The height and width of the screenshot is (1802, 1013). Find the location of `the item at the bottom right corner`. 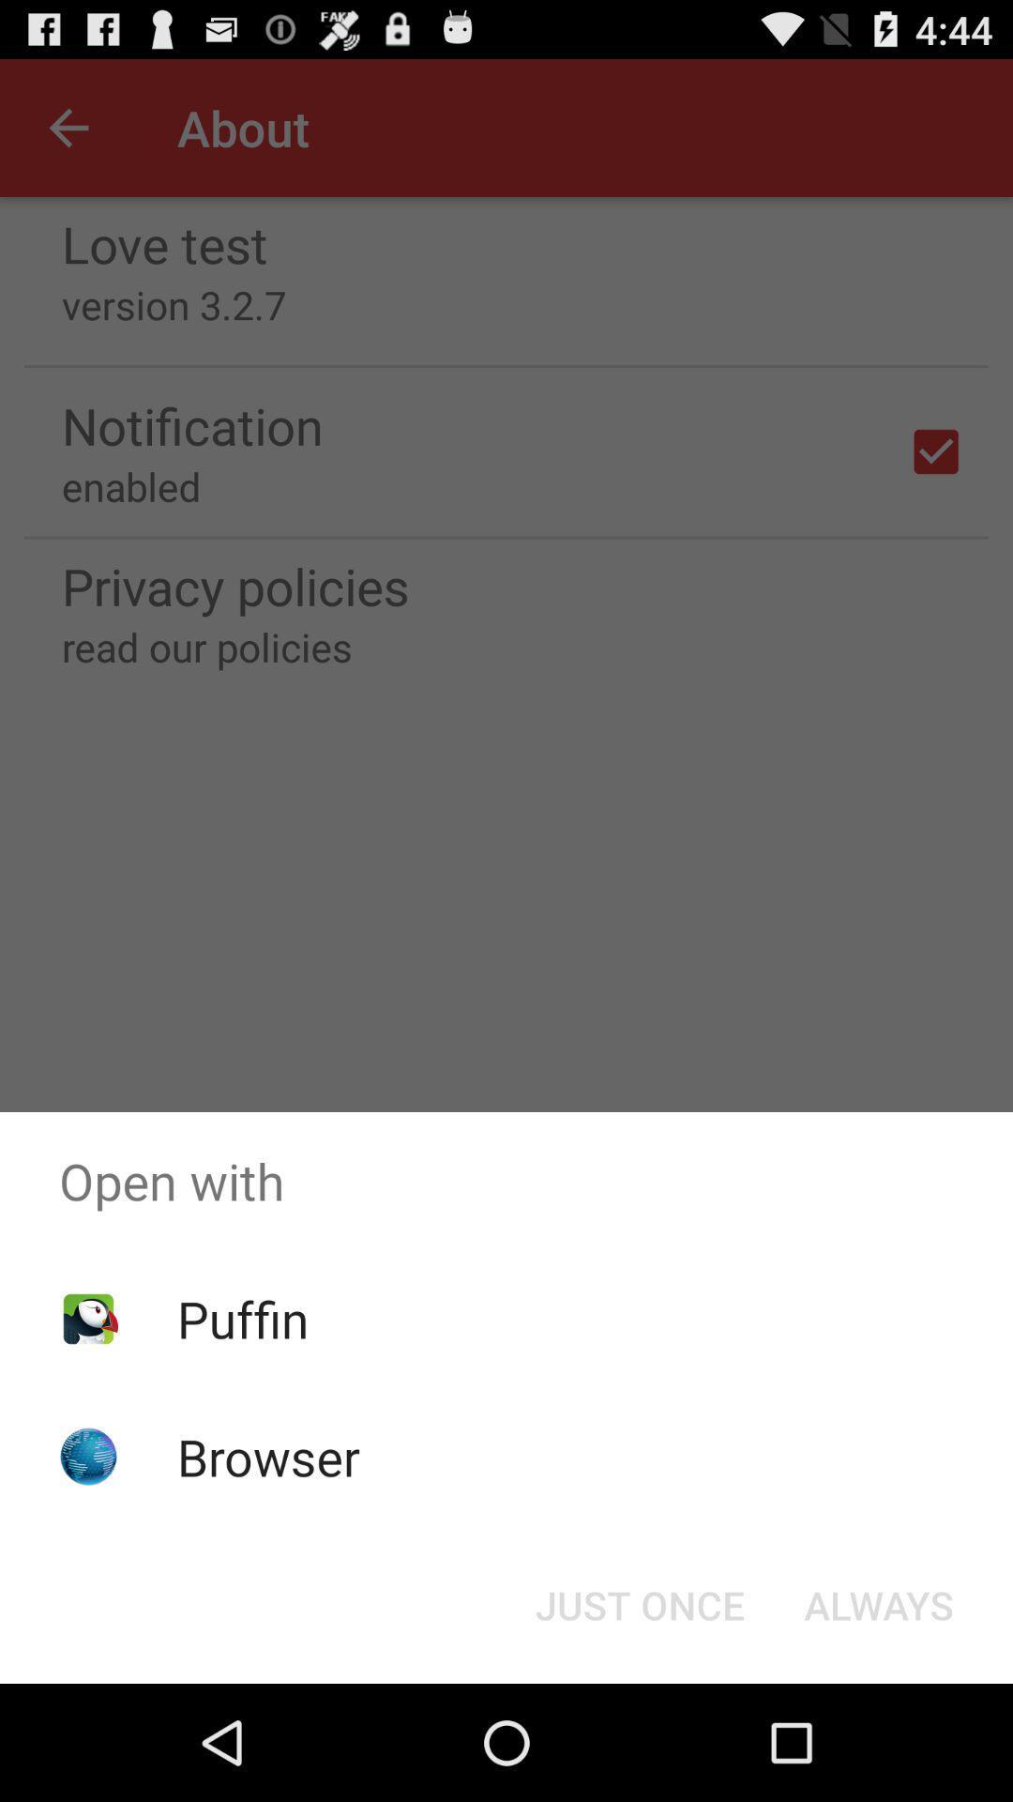

the item at the bottom right corner is located at coordinates (879, 1603).